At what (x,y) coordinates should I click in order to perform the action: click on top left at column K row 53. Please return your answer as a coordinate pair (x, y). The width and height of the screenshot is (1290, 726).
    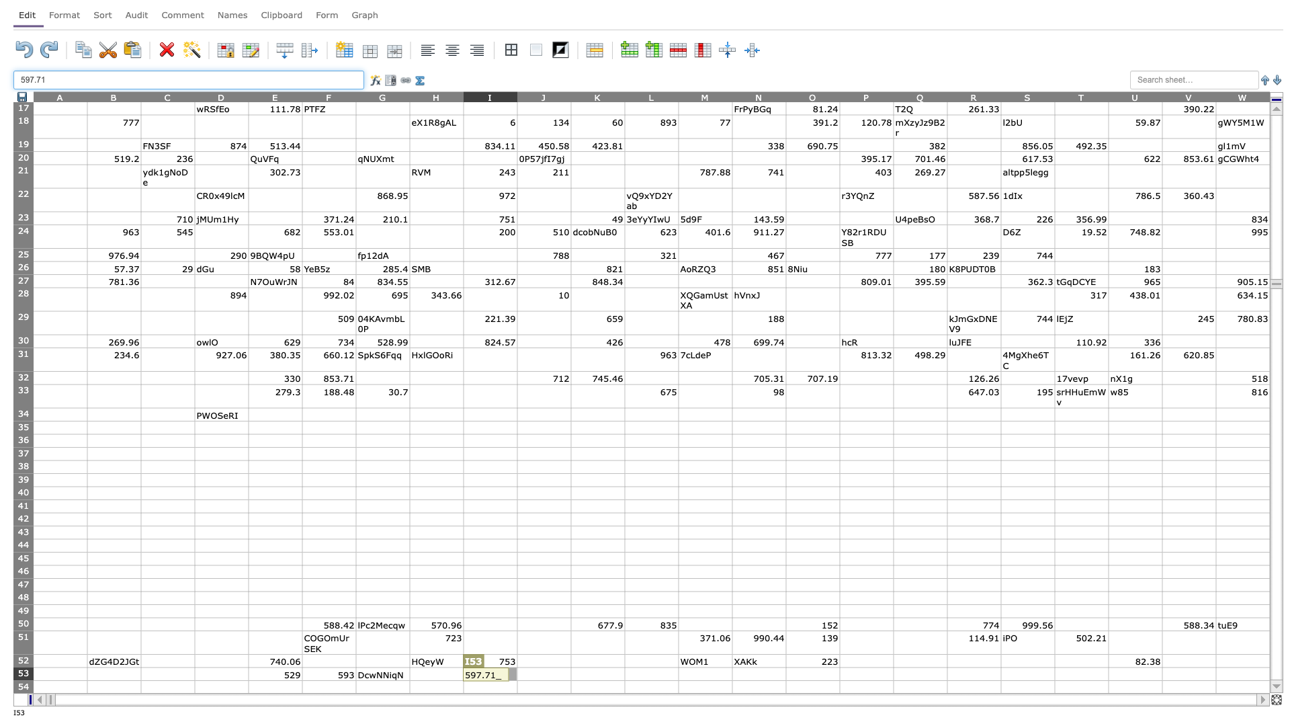
    Looking at the image, I should click on (570, 667).